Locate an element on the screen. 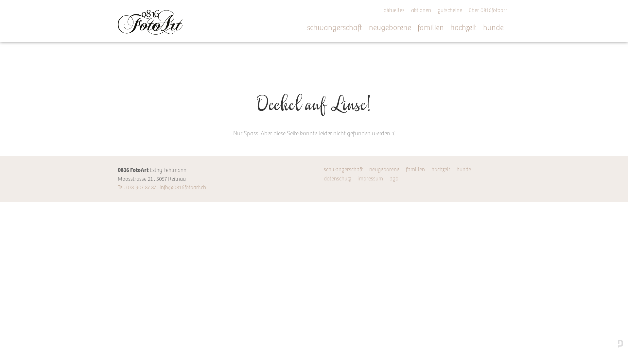 The image size is (628, 353). 'hochzeit' is located at coordinates (466, 27).